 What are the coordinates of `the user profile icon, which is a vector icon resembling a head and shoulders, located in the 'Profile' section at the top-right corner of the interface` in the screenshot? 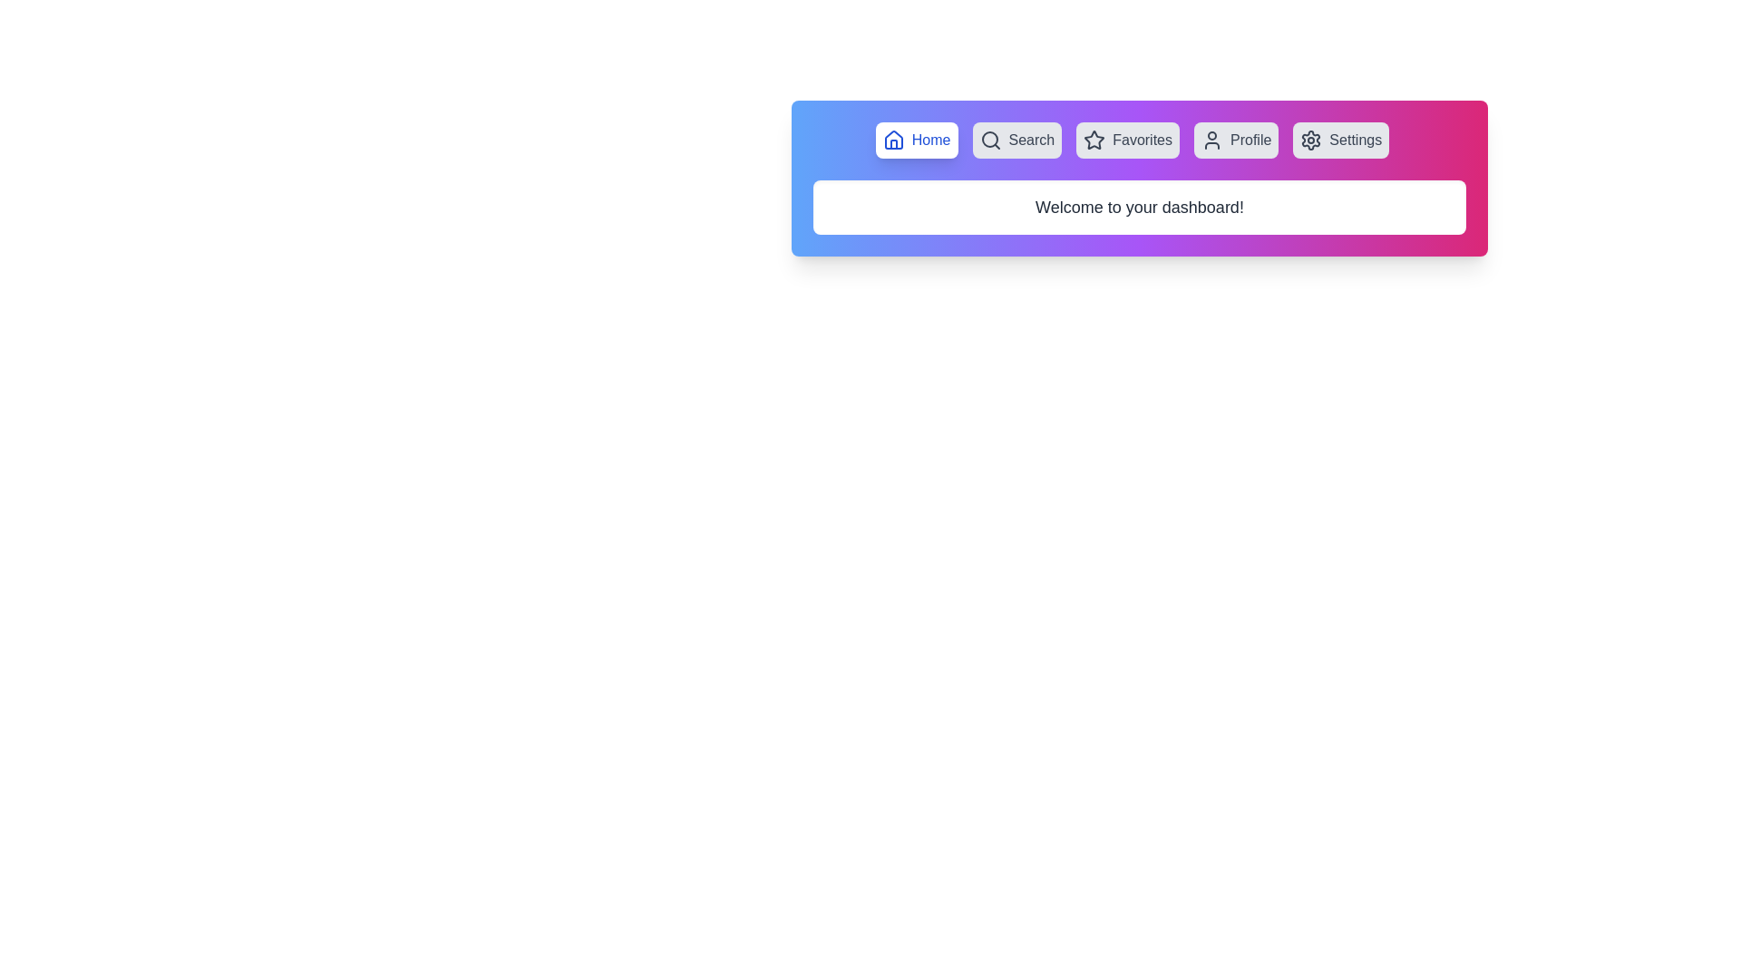 It's located at (1212, 139).